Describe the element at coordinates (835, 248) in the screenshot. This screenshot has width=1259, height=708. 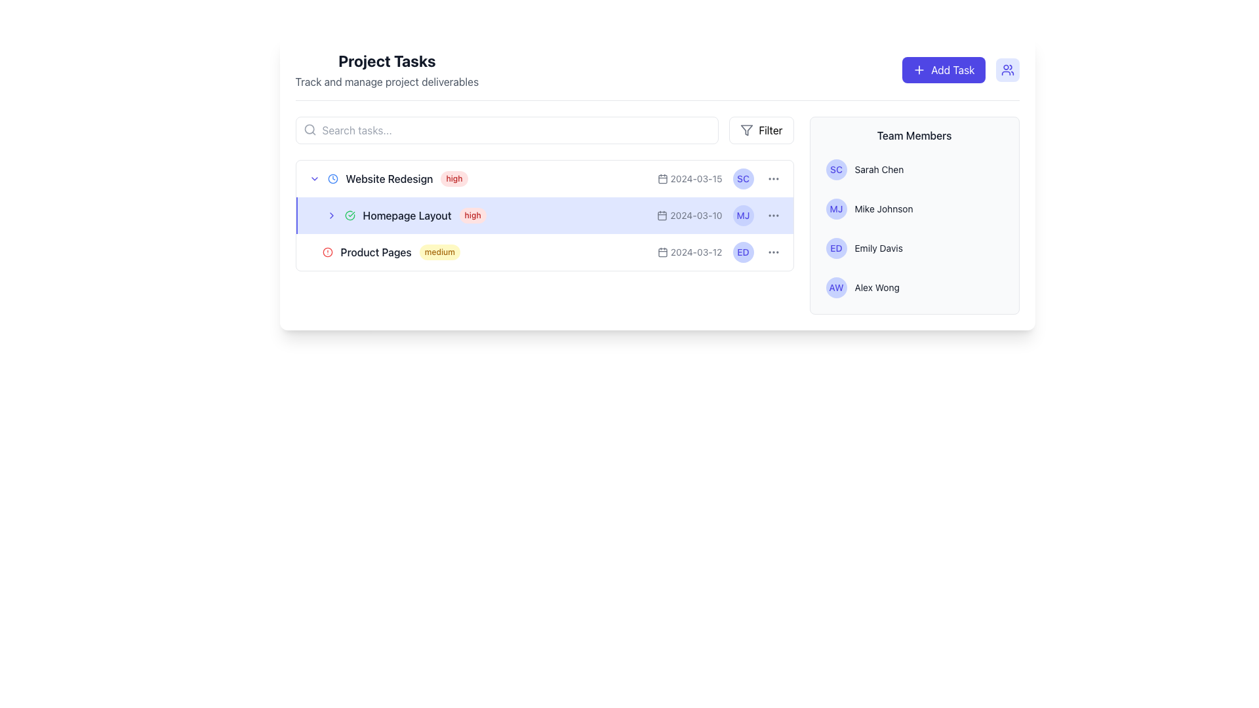
I see `the Informational badge with a purple background and 'ED' text, located in the 'Team Members' section next to Emily Davis for additional information` at that location.